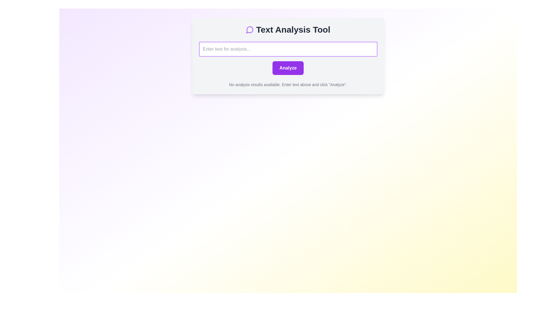 The height and width of the screenshot is (309, 549). Describe the element at coordinates (288, 30) in the screenshot. I see `the Heading Text with Icon labeled 'Text Analysis Tool', which features a bold and large font, accompanied by a purple speech bubble icon` at that location.